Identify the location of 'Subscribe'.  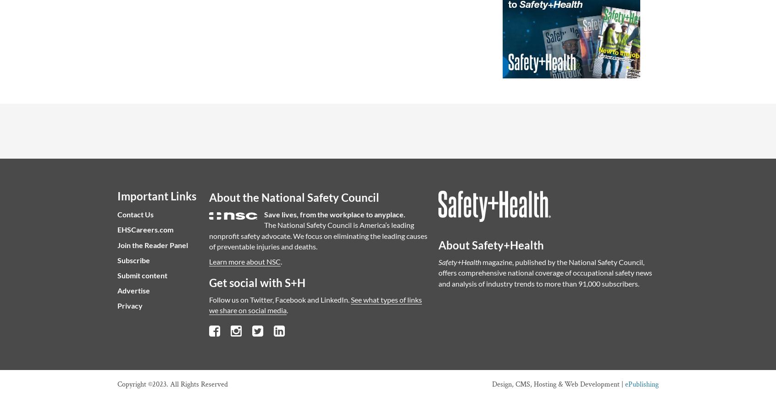
(133, 260).